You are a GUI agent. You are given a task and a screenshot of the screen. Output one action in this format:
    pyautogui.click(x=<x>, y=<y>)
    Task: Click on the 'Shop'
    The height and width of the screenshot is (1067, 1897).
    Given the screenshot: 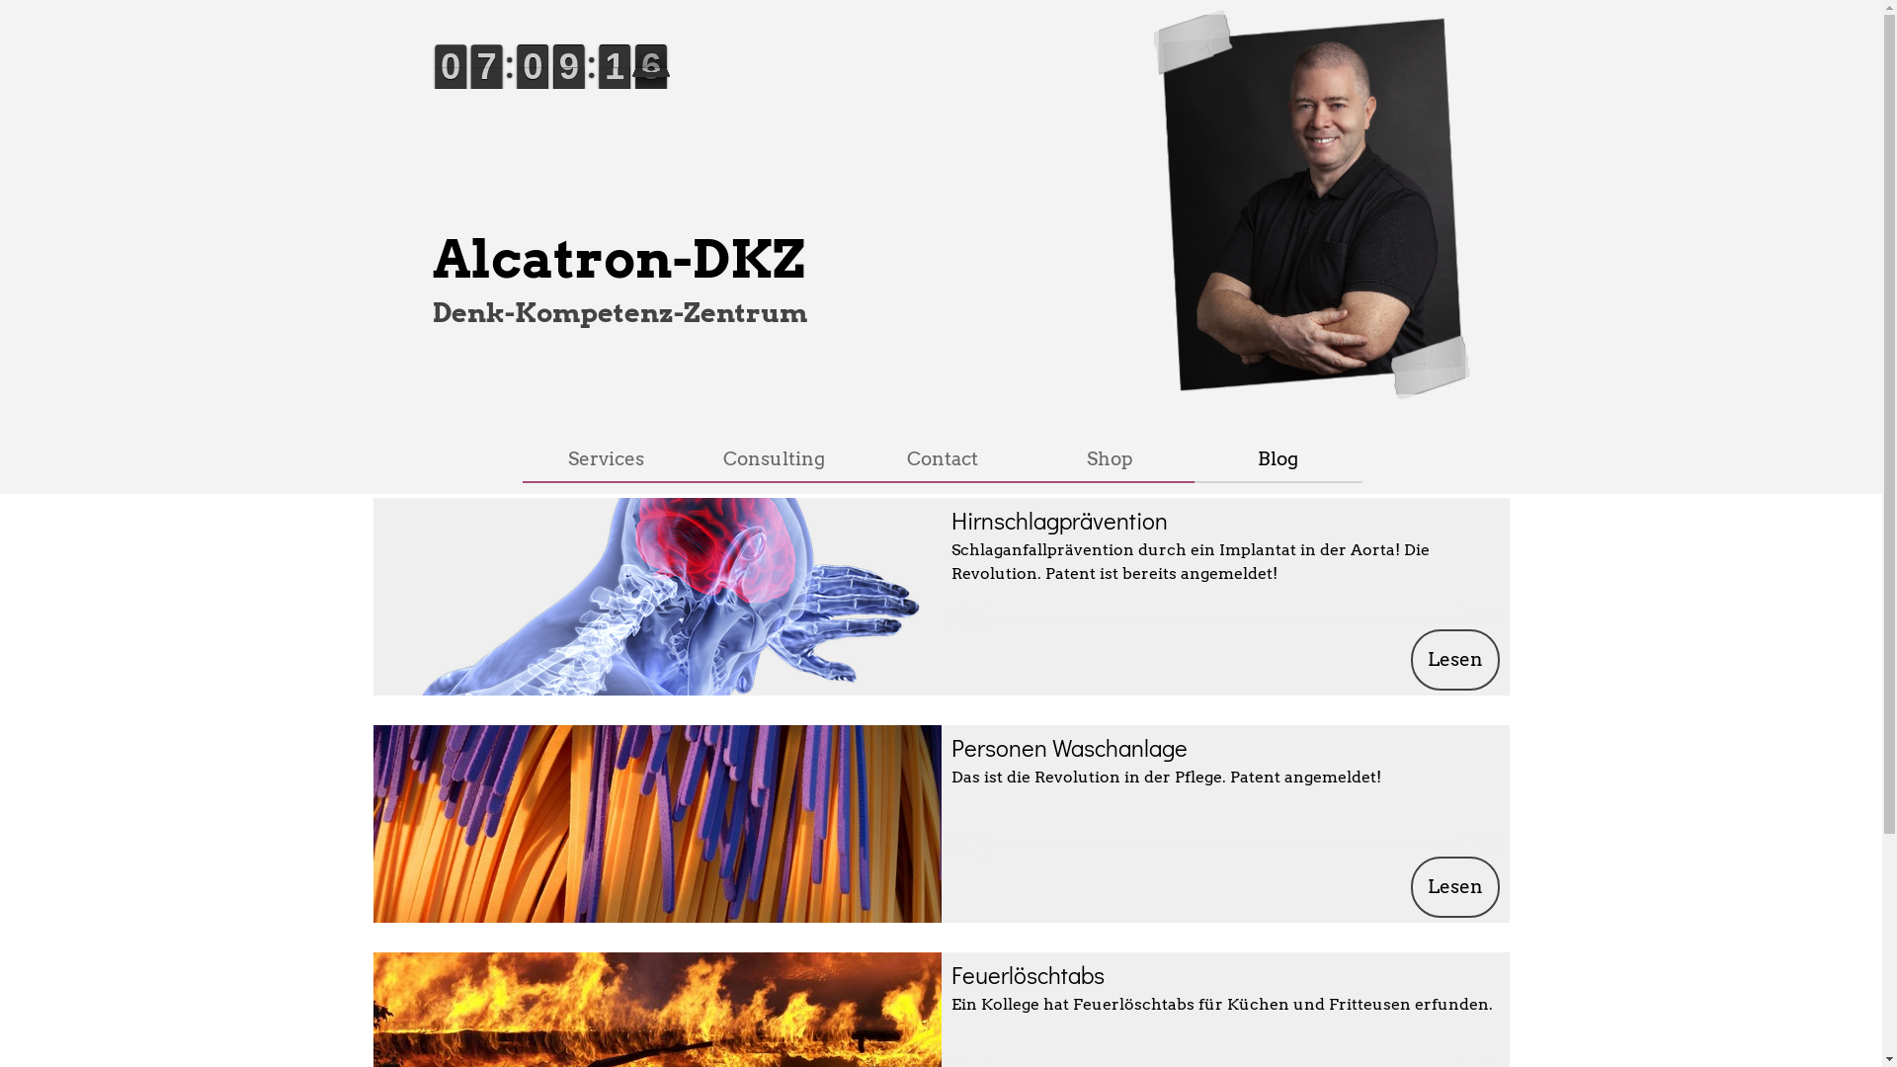 What is the action you would take?
    pyautogui.click(x=1033, y=458)
    